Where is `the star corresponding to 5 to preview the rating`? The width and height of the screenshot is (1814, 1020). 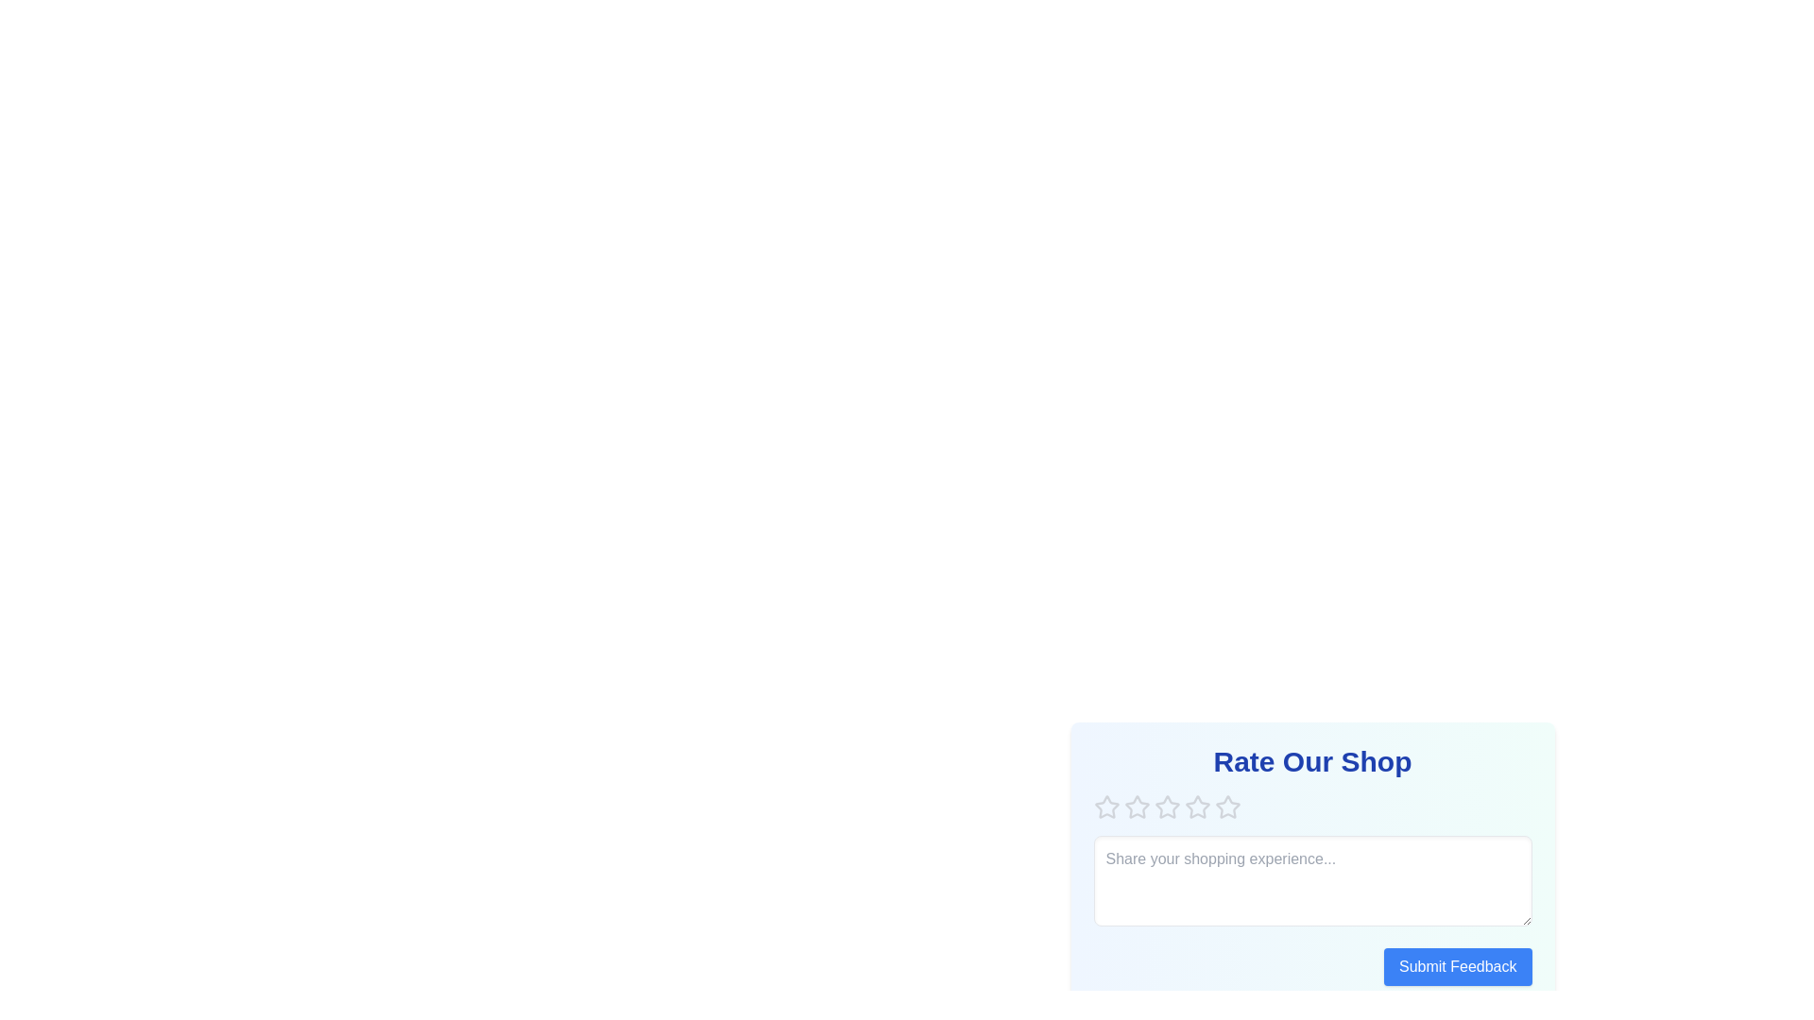 the star corresponding to 5 to preview the rating is located at coordinates (1227, 807).